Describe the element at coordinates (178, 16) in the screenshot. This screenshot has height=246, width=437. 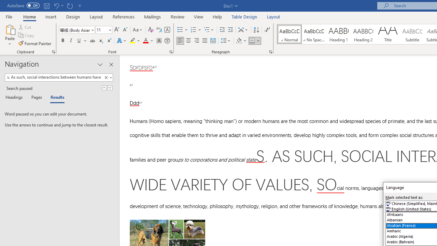
I see `'Review'` at that location.